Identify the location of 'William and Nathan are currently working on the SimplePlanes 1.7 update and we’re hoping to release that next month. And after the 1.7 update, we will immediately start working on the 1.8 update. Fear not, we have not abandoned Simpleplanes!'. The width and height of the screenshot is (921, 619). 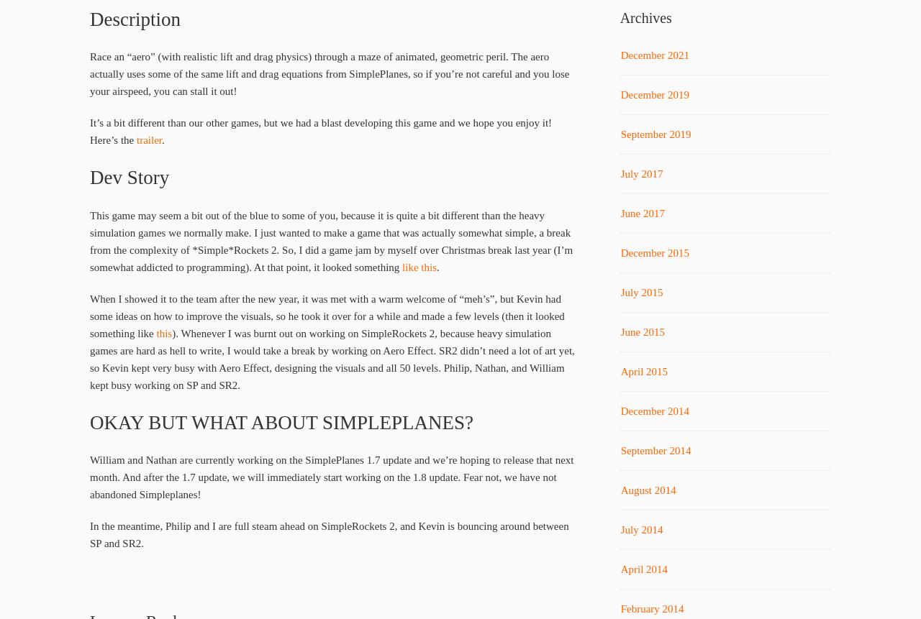
(89, 477).